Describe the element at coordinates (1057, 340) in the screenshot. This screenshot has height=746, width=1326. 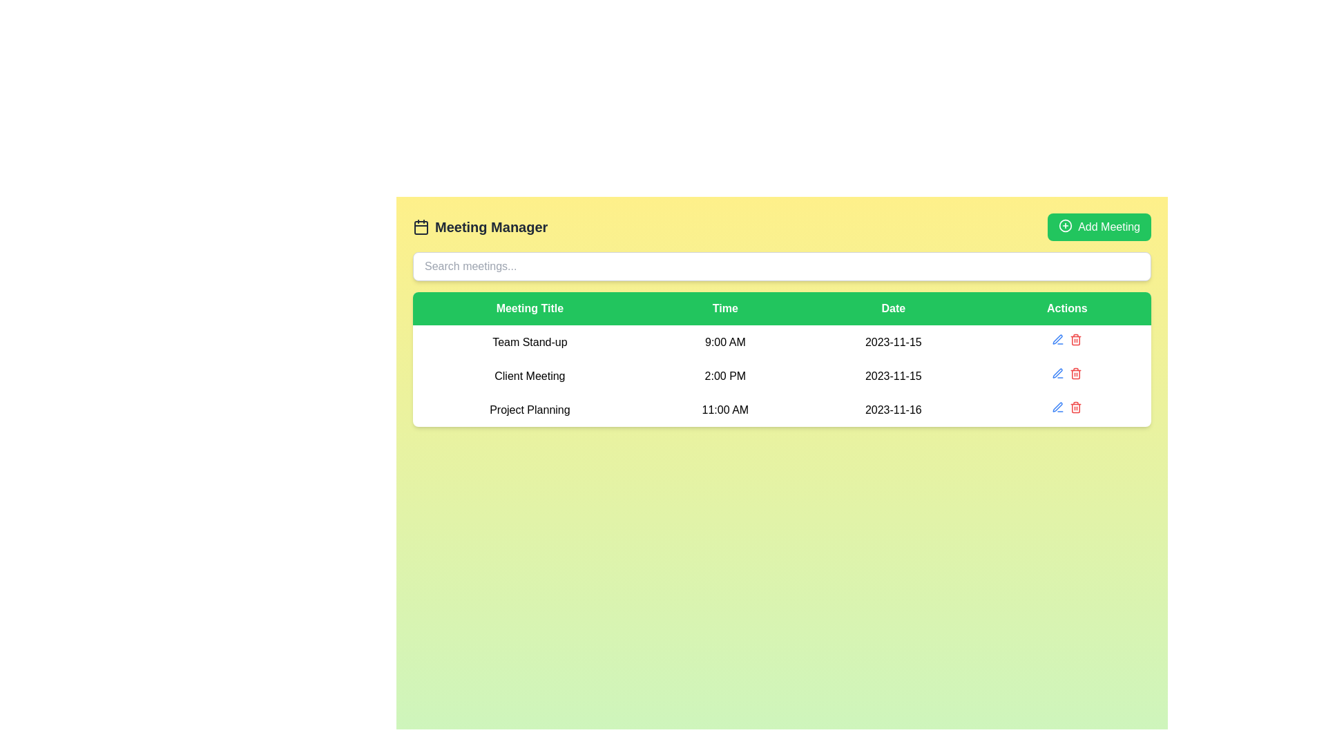
I see `the Edit button, which is the first icon in the Action column of the second row of the table located below the search bar, to change the icon's color` at that location.